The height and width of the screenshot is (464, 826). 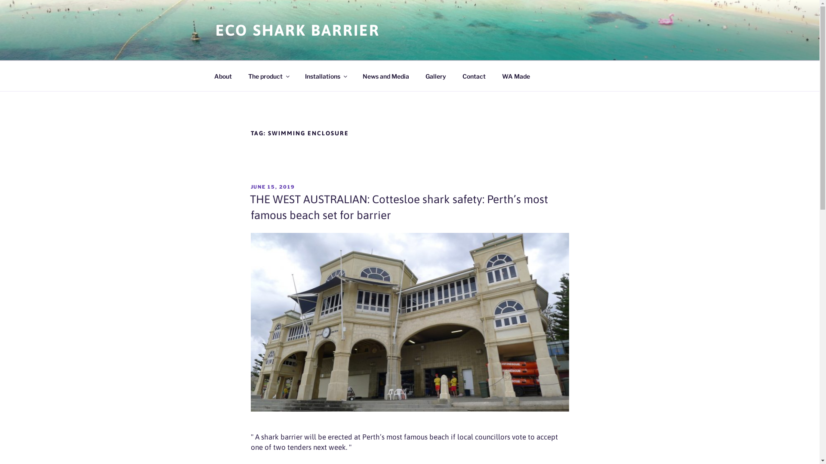 What do you see at coordinates (516, 75) in the screenshot?
I see `'WA Made'` at bounding box center [516, 75].